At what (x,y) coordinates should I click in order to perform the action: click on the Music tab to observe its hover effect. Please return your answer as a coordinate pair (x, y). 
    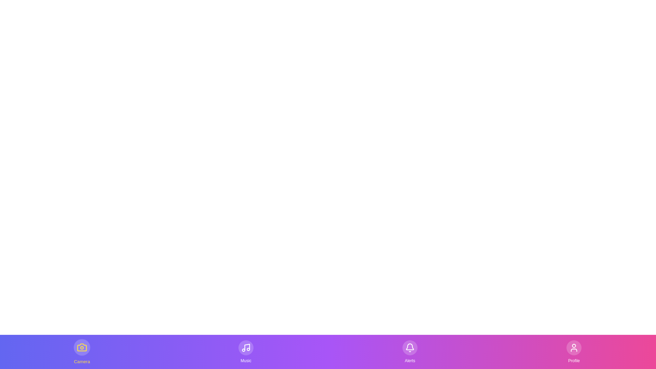
    Looking at the image, I should click on (246, 352).